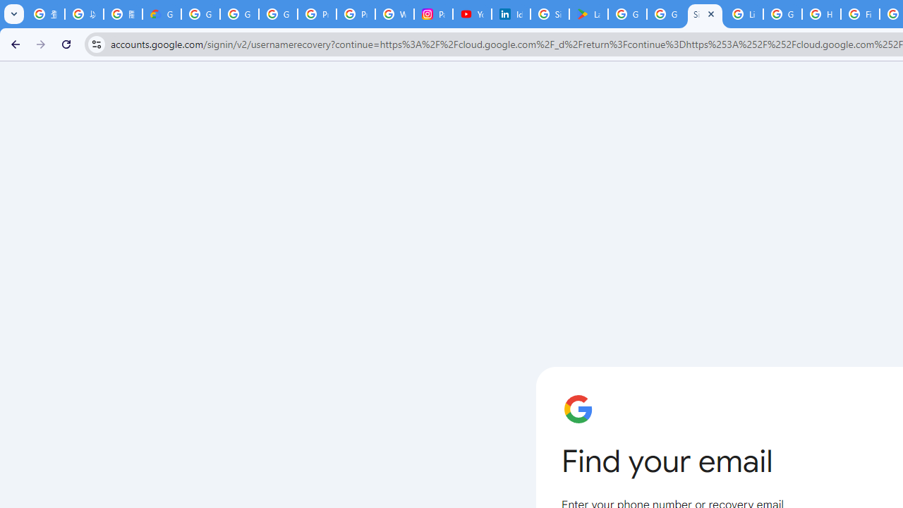  What do you see at coordinates (588, 14) in the screenshot?
I see `'Last Shelter: Survival - Apps on Google Play'` at bounding box center [588, 14].